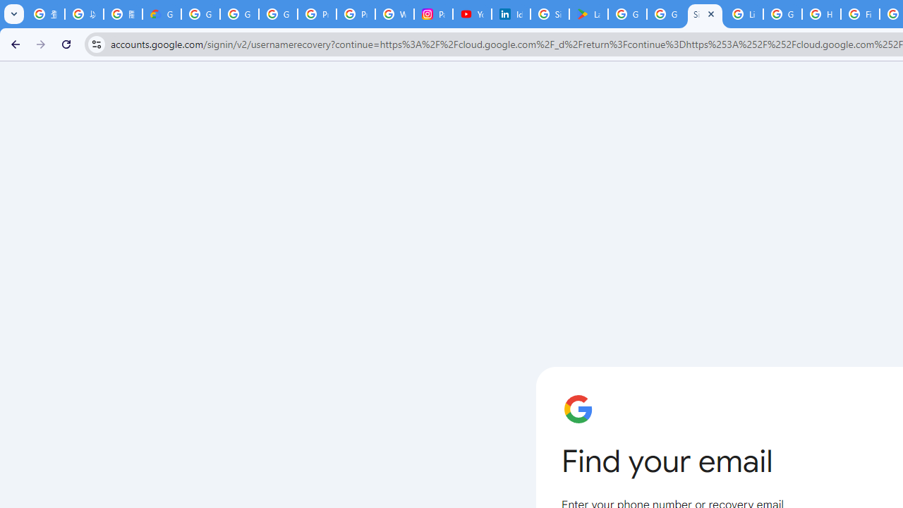  What do you see at coordinates (588, 14) in the screenshot?
I see `'Last Shelter: Survival - Apps on Google Play'` at bounding box center [588, 14].